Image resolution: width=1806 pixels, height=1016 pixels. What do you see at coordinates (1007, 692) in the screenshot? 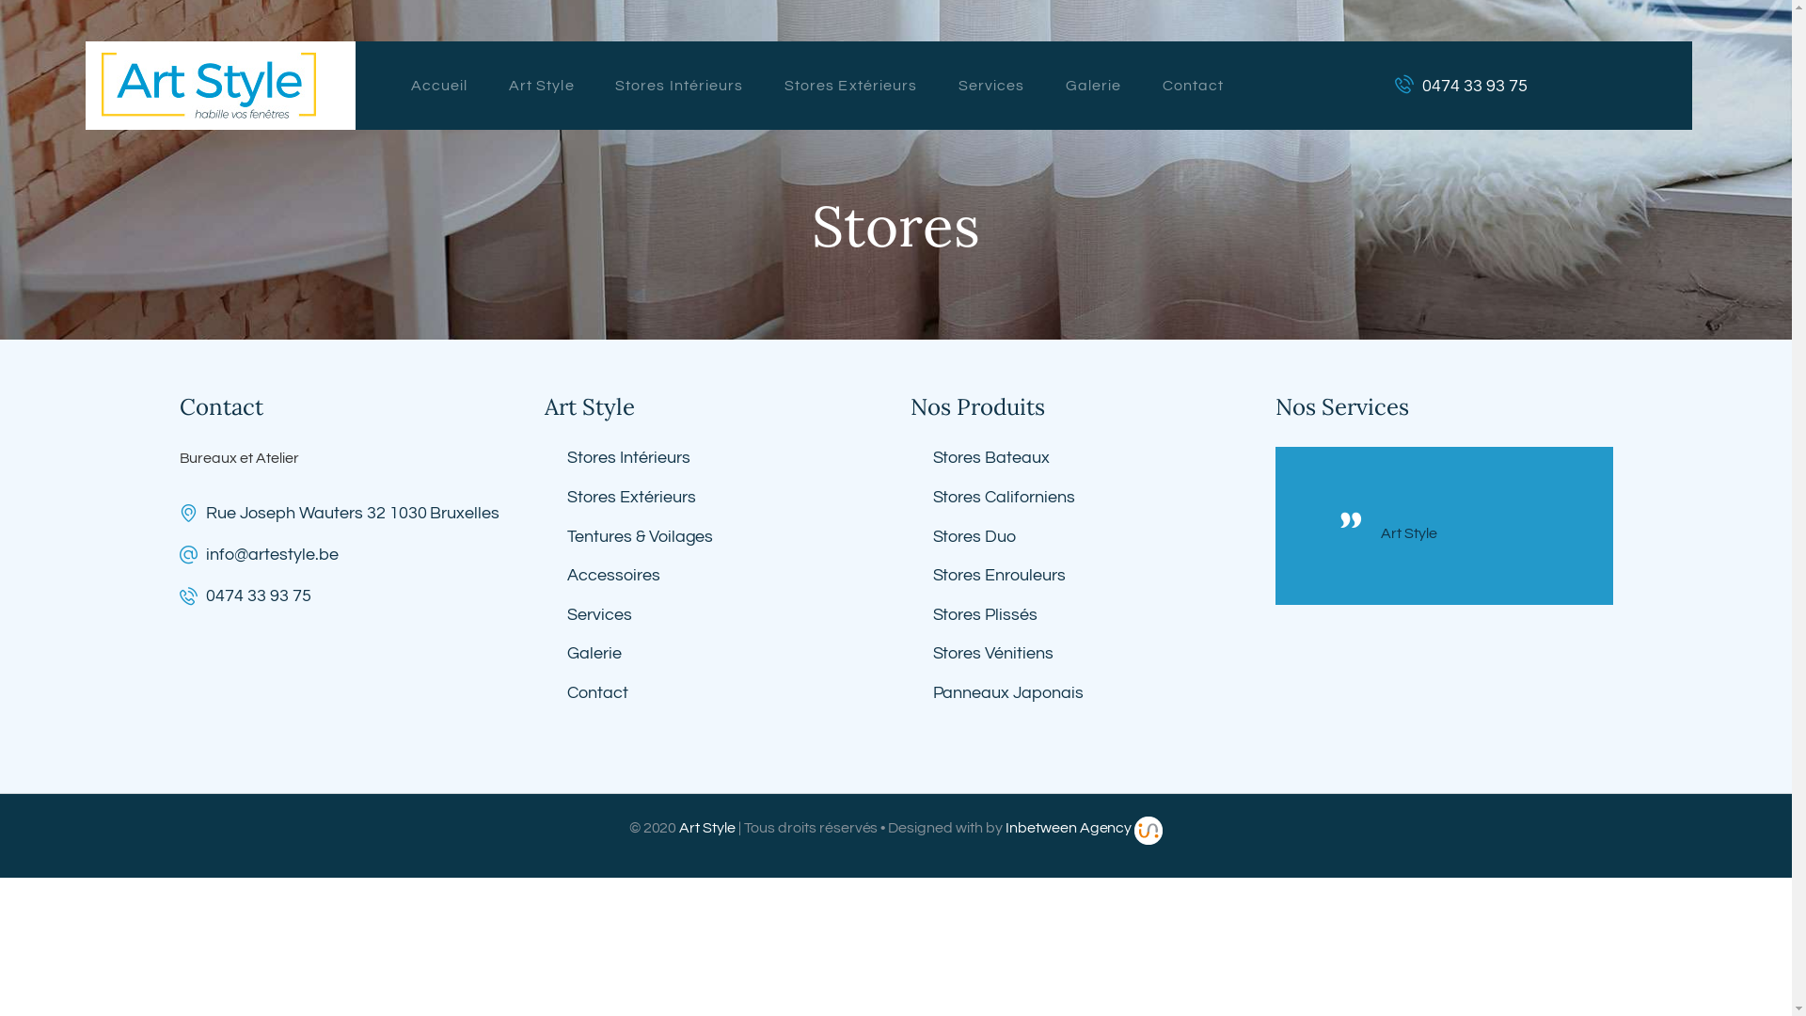
I see `'Panneaux Japonais'` at bounding box center [1007, 692].